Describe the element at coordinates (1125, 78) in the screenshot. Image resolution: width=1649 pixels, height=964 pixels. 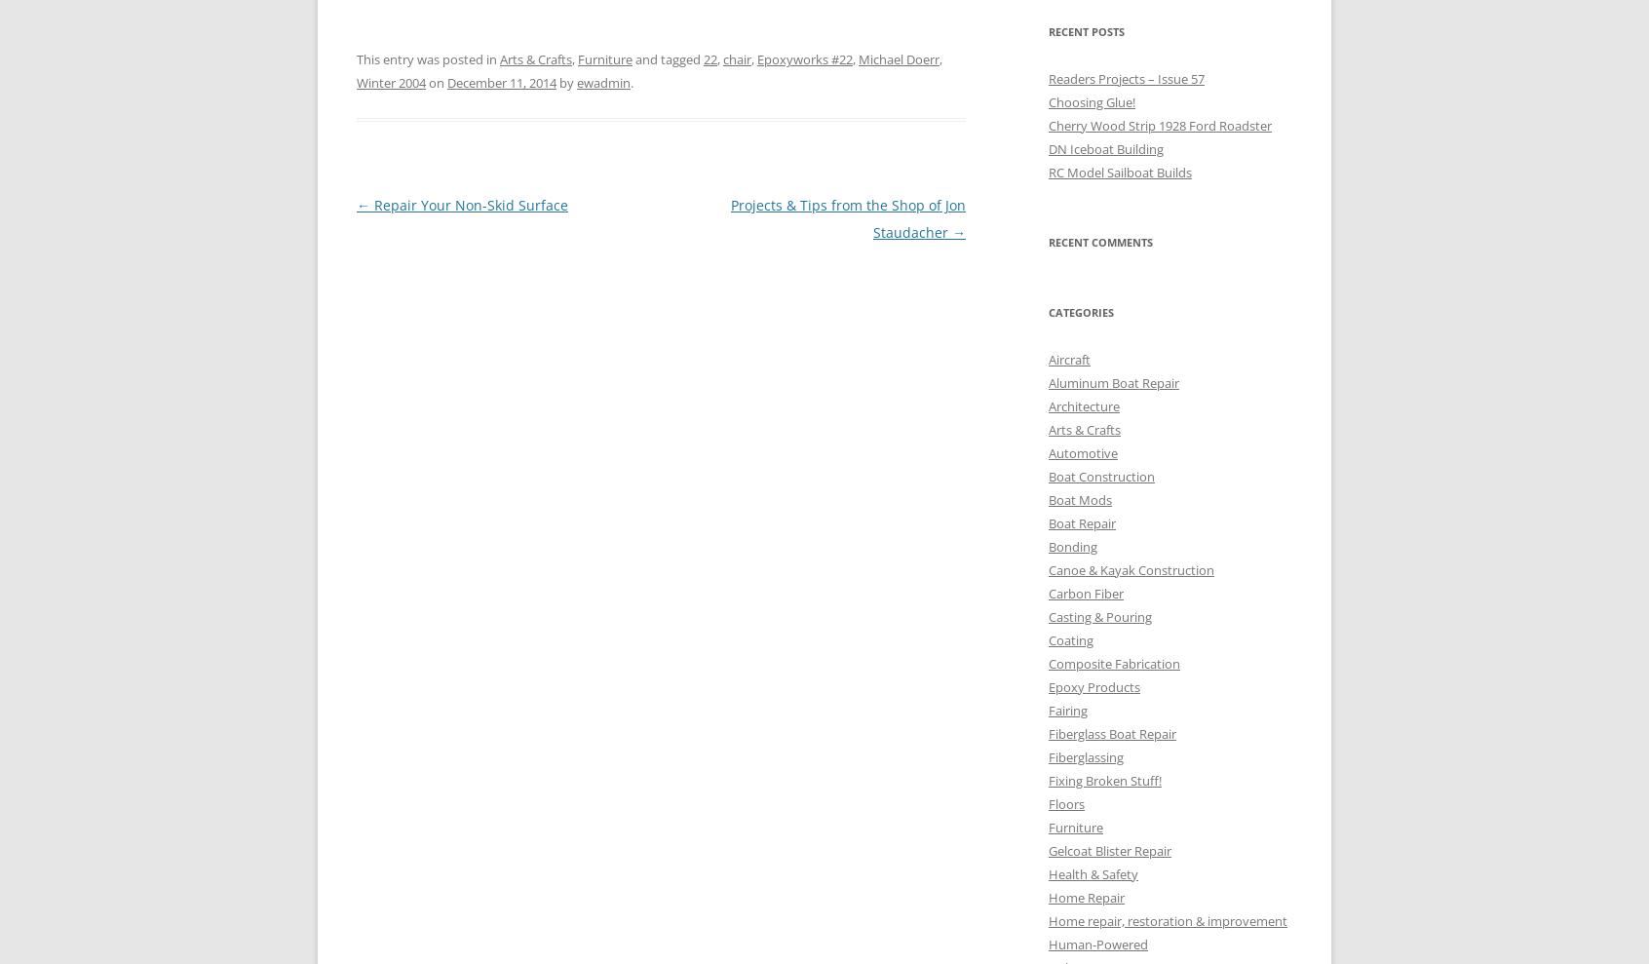
I see `'Readers Projects – Issue 57'` at that location.